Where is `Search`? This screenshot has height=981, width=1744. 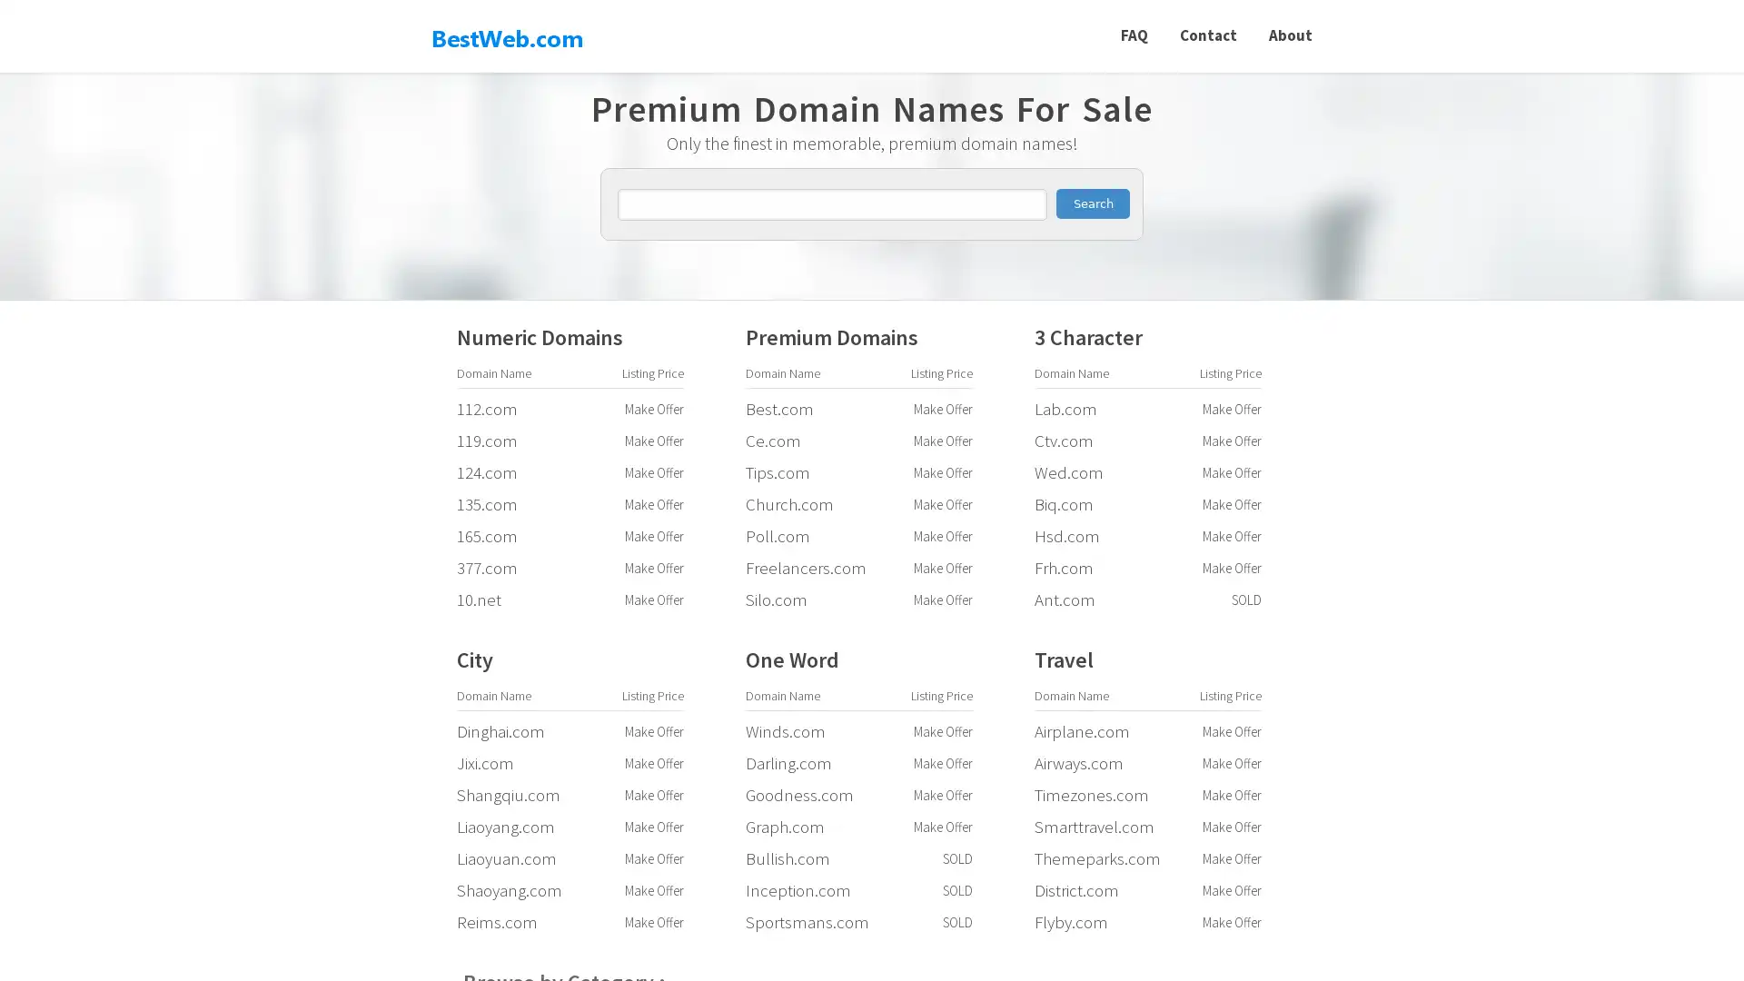
Search is located at coordinates (1092, 203).